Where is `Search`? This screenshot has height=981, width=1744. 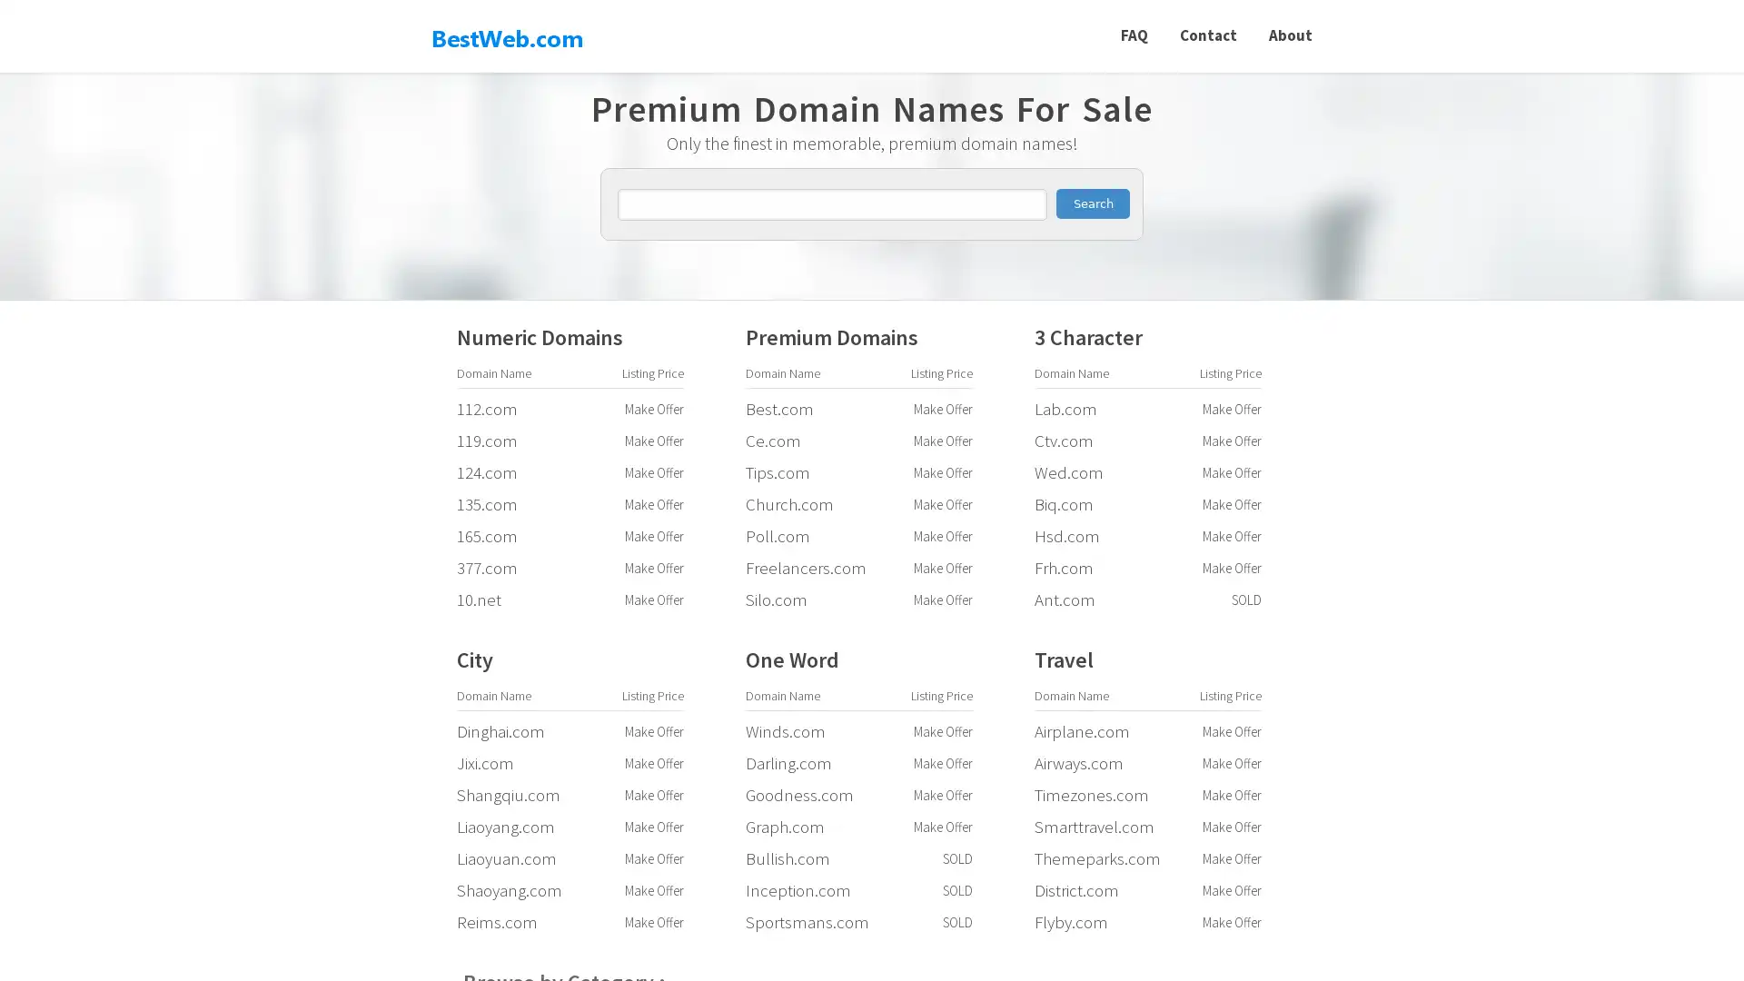
Search is located at coordinates (1092, 203).